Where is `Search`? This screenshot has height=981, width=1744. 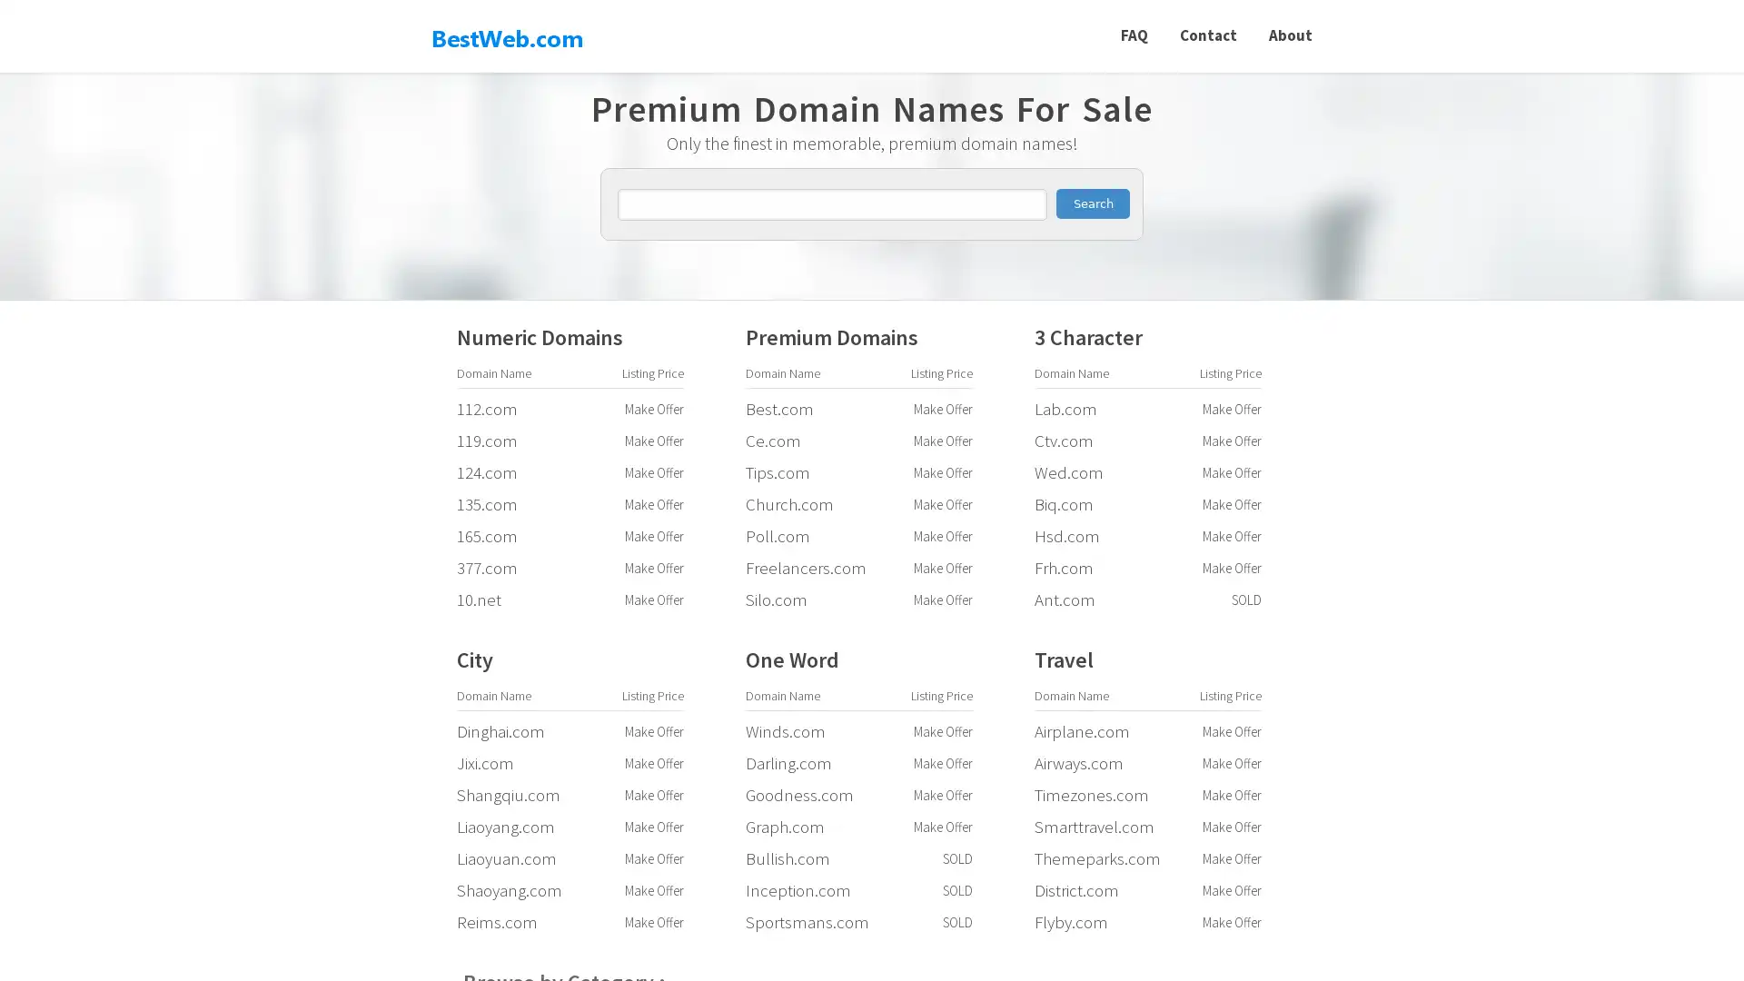
Search is located at coordinates (1092, 203).